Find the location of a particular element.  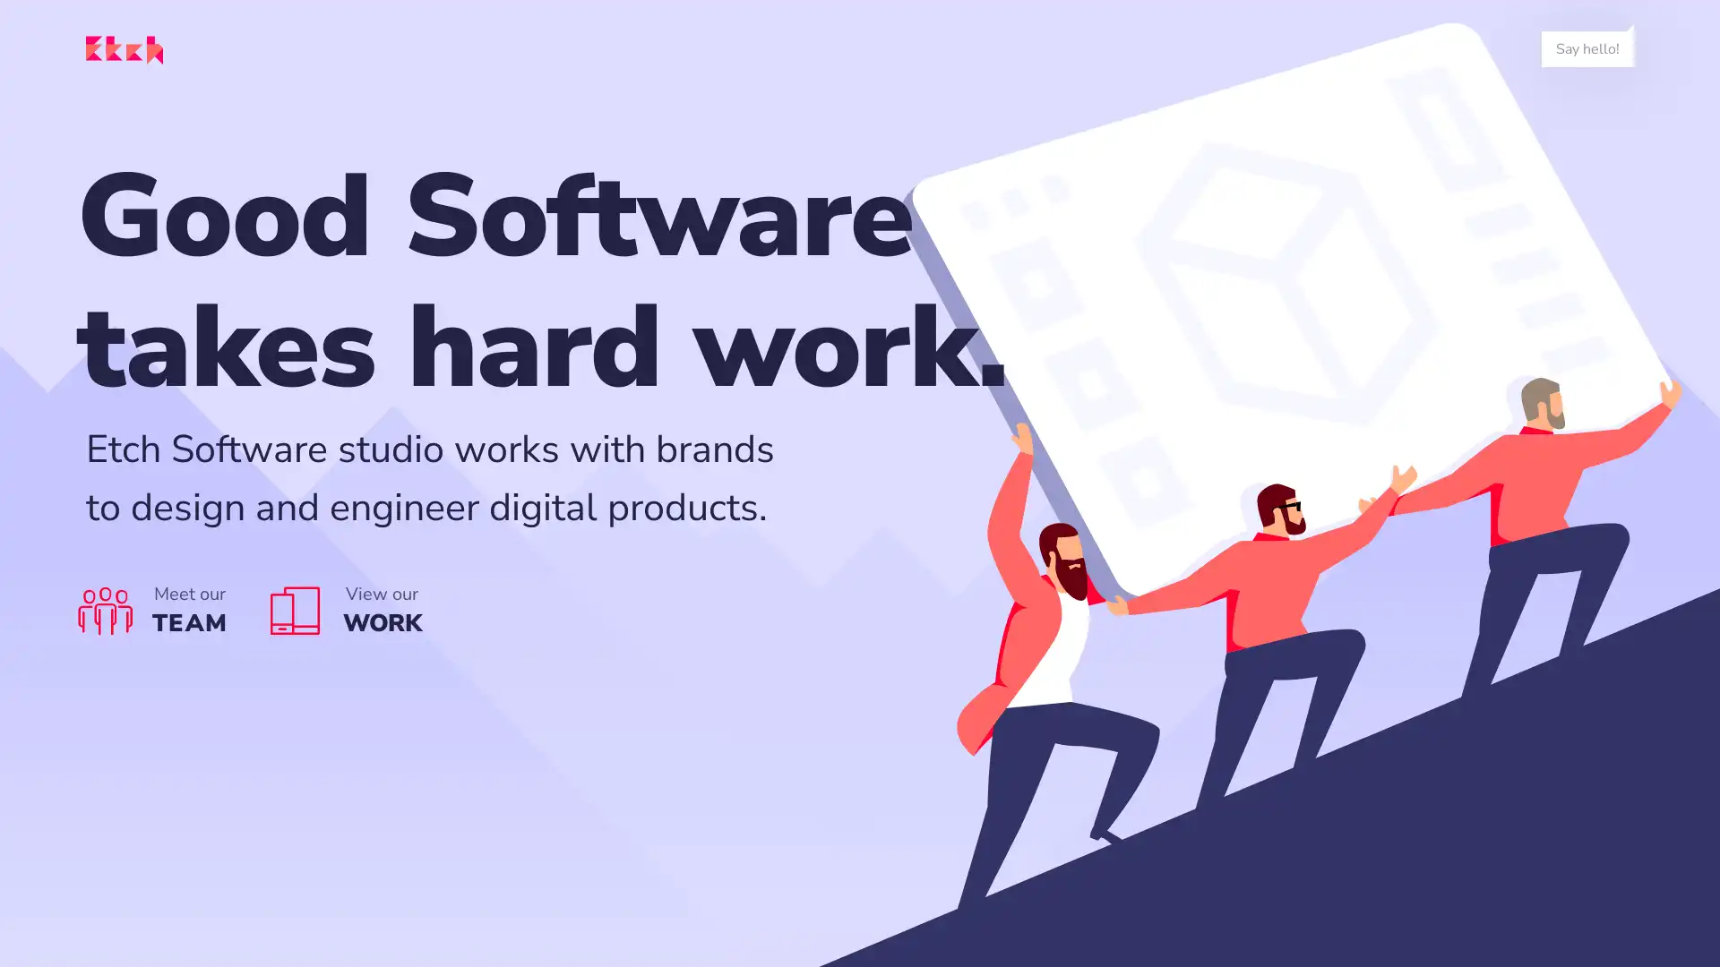

Open the contact details modal is located at coordinates (1587, 47).